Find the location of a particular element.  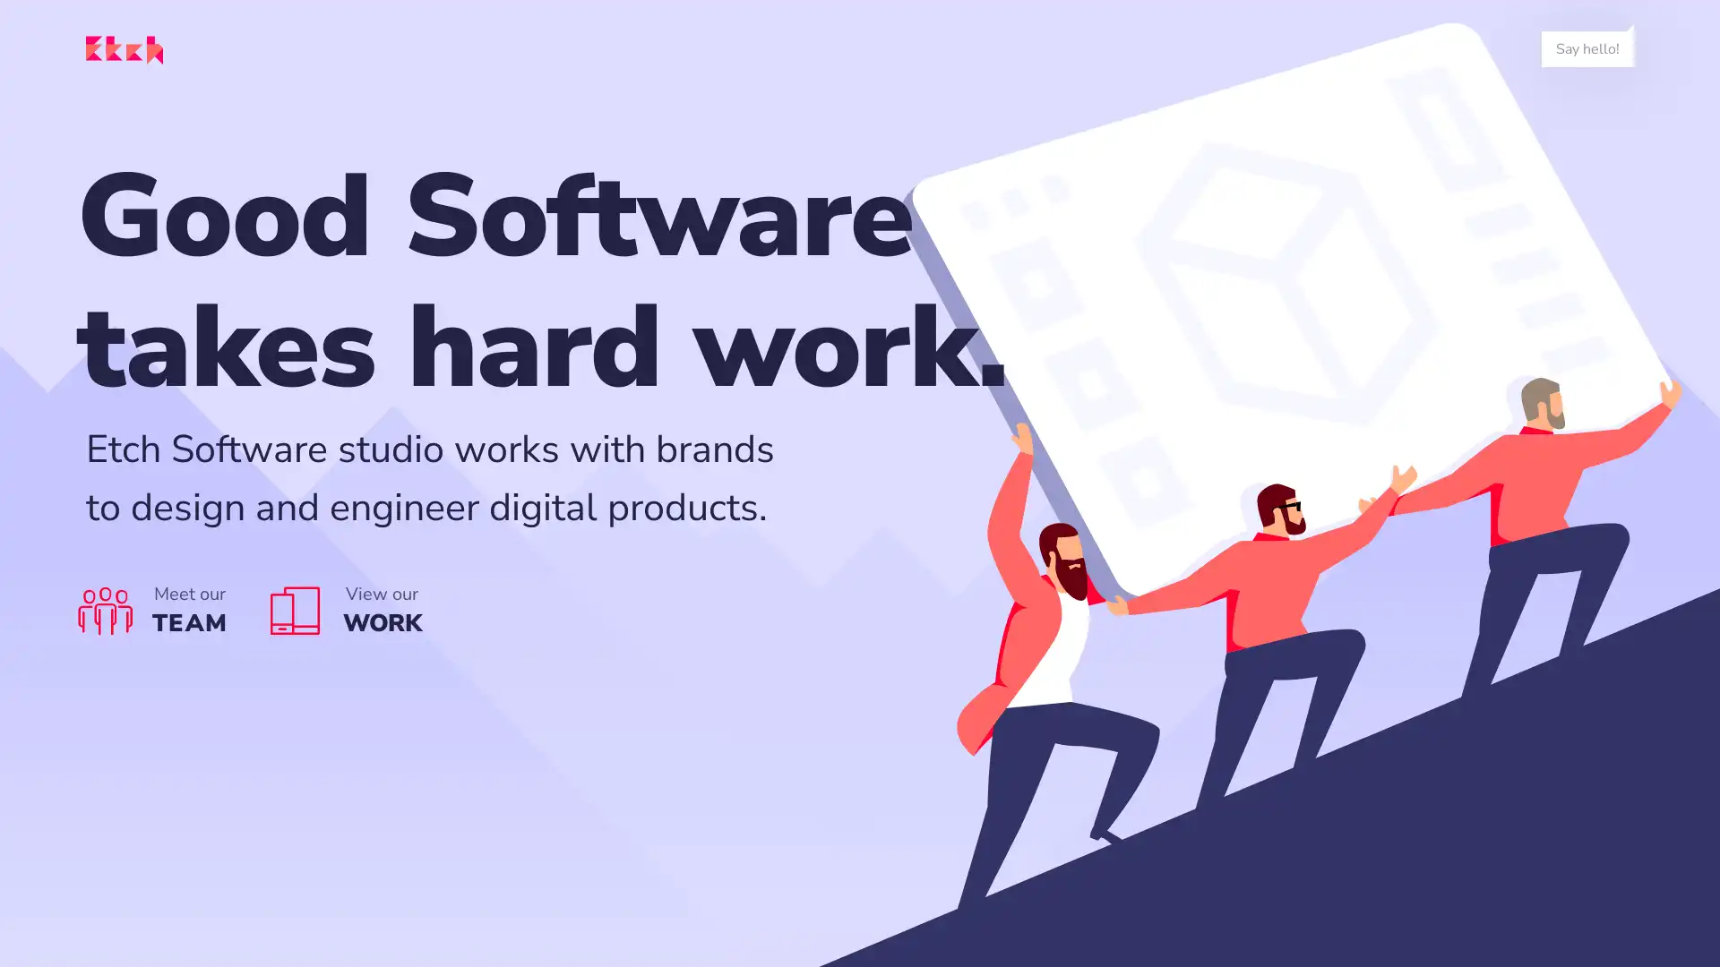

Open the contact details modal is located at coordinates (1587, 47).